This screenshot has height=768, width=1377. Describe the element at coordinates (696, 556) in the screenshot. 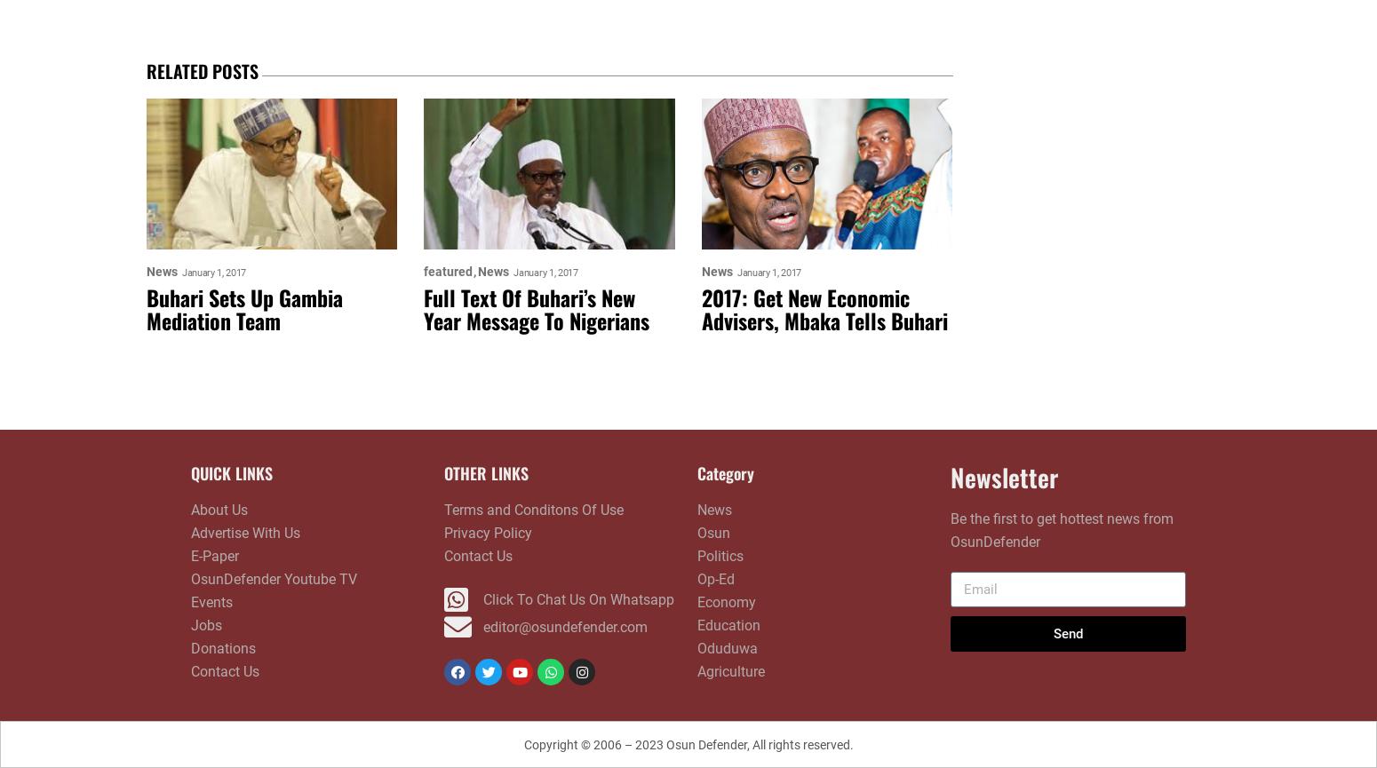

I see `'Politics'` at that location.